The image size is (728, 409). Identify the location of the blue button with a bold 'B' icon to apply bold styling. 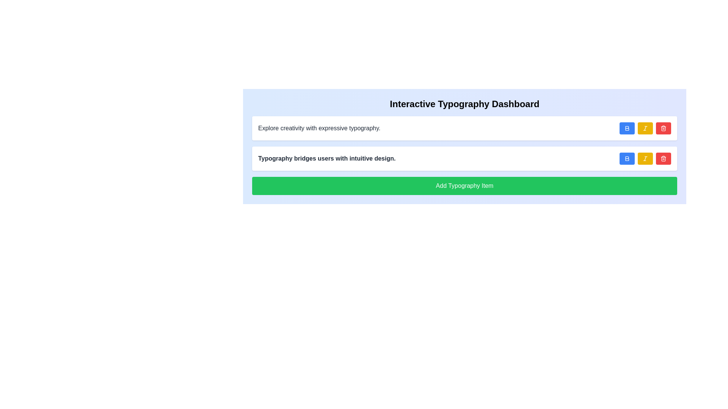
(627, 158).